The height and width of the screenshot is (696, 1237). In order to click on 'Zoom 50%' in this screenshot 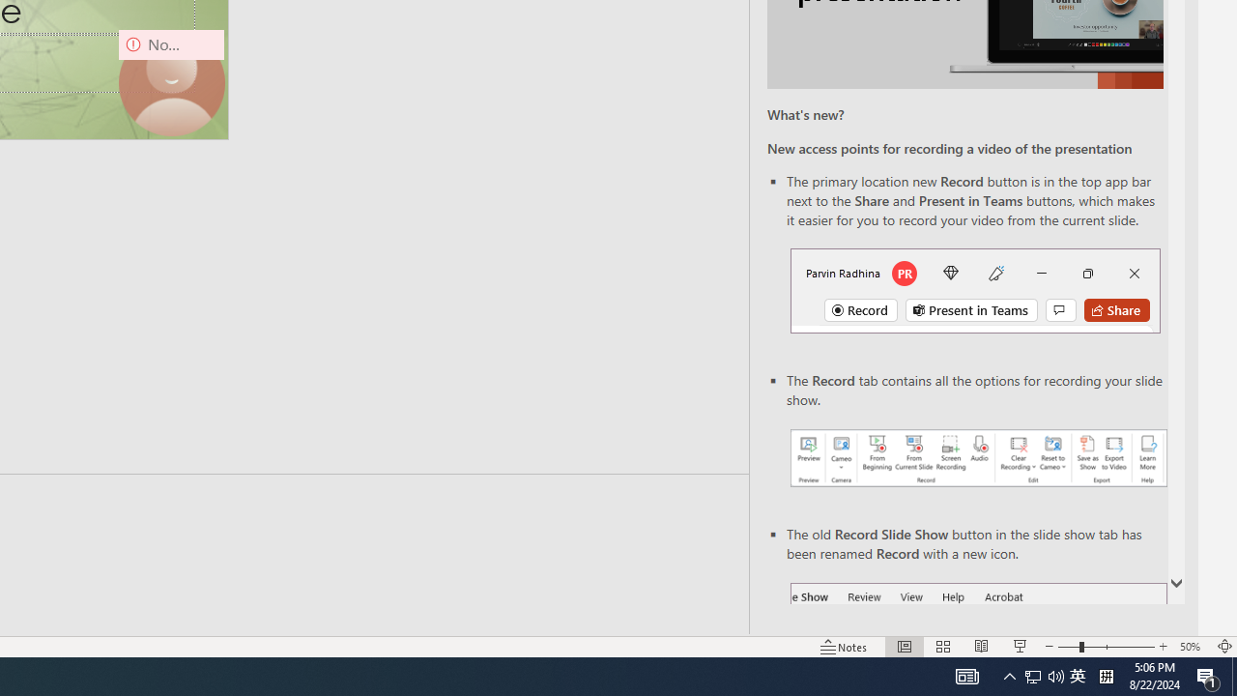, I will do `click(1192, 647)`.